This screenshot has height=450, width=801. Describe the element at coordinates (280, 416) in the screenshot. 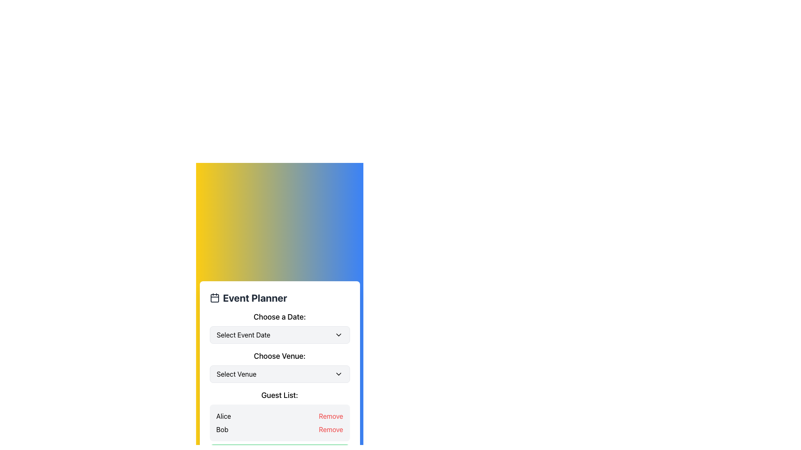

I see `the 'Remove' button for the first entry, 'Alice', in the 'Guest List' section` at that location.